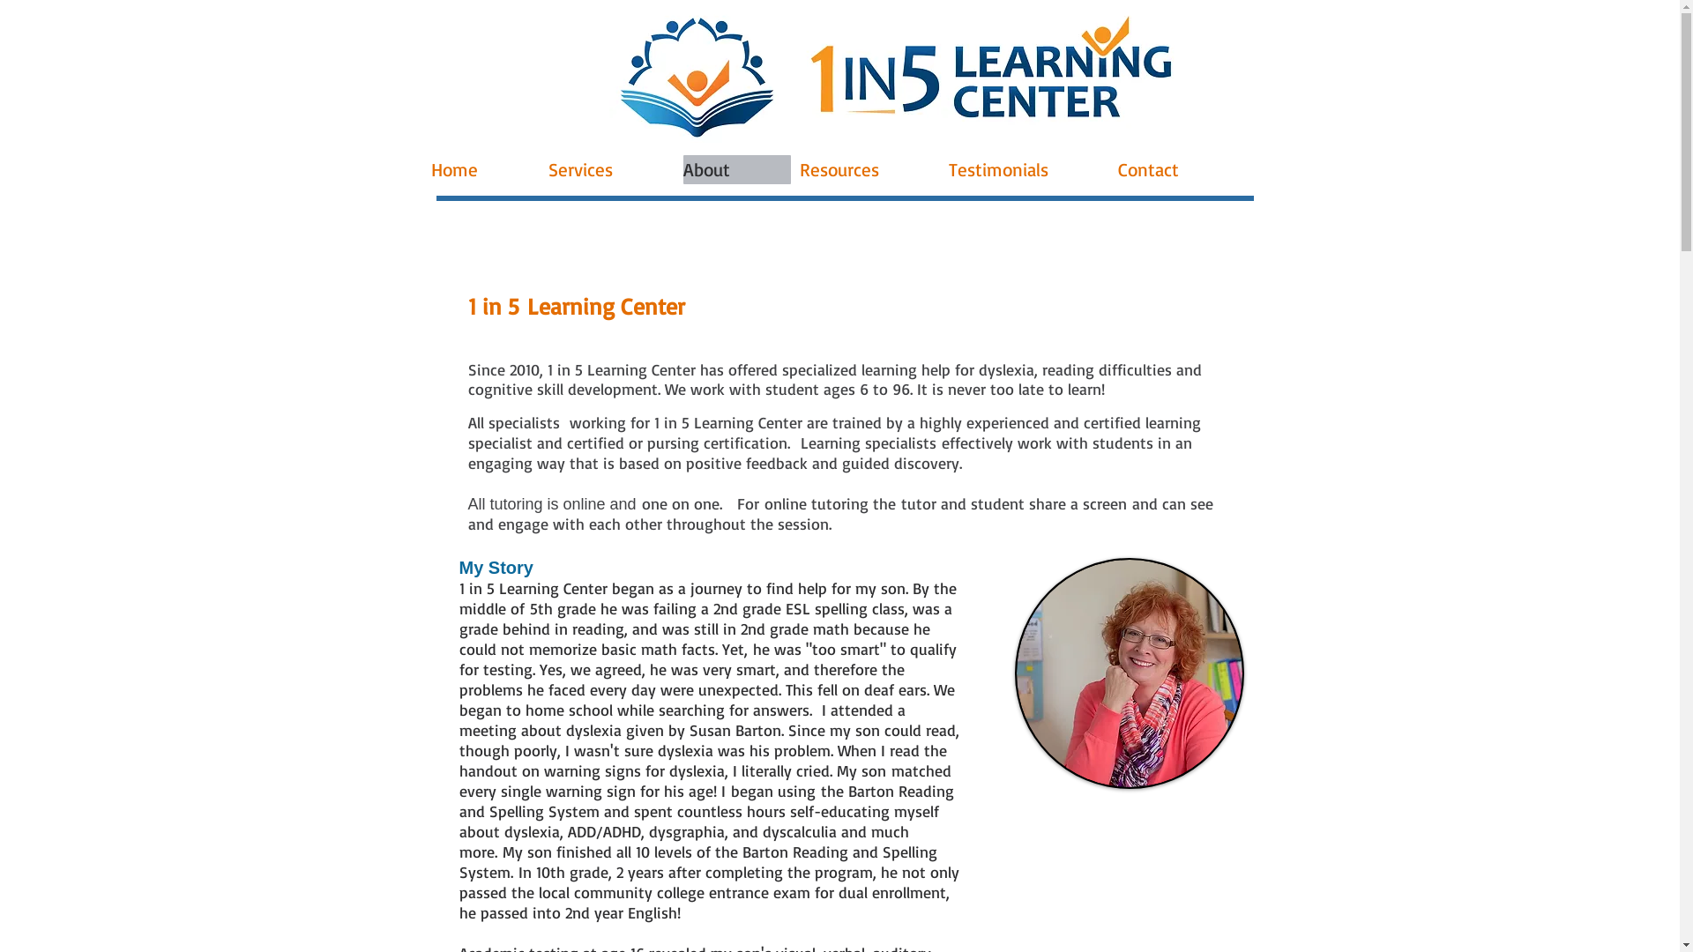 The height and width of the screenshot is (952, 1693). I want to click on 'About', so click(736, 169).